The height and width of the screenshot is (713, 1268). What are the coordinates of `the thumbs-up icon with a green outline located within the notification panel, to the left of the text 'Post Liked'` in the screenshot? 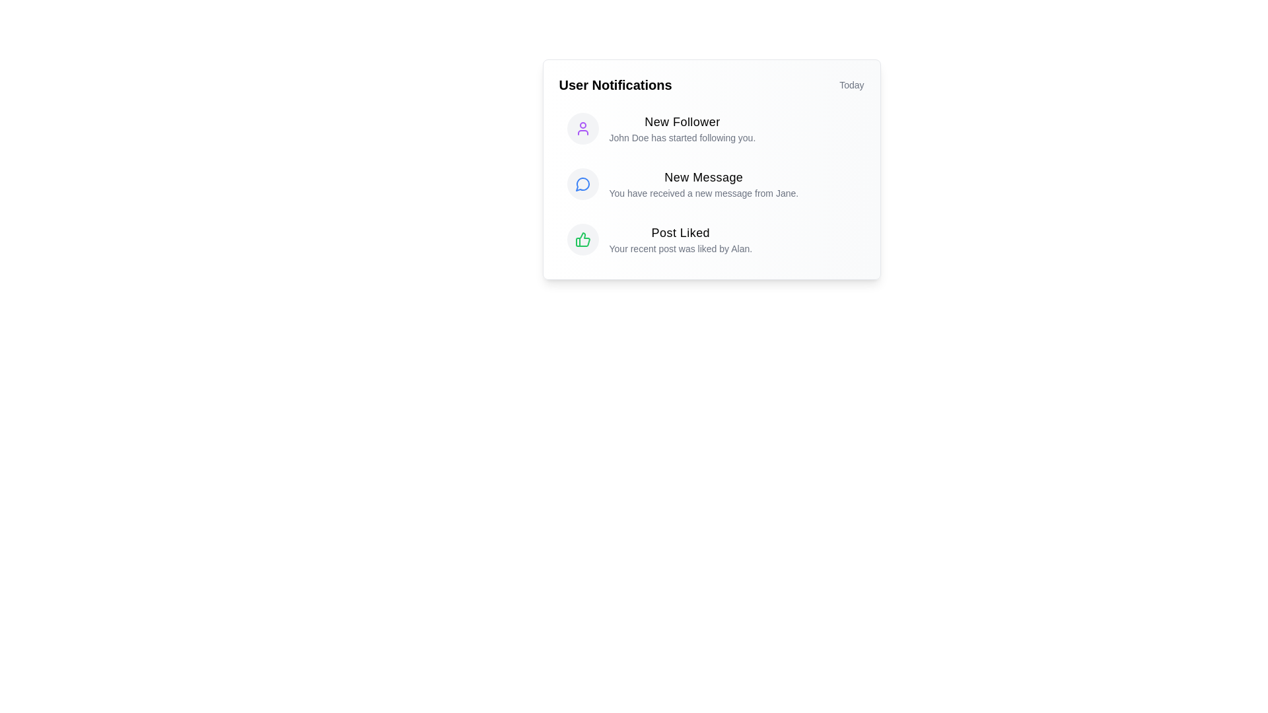 It's located at (582, 239).